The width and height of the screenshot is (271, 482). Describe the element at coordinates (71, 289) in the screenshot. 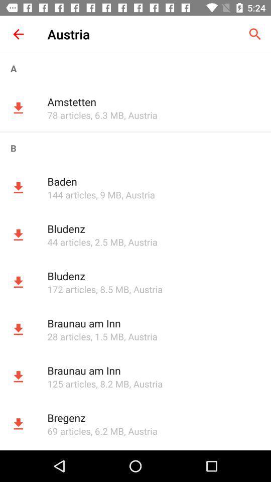

I see `icon to the left of the , 8.5 mb` at that location.